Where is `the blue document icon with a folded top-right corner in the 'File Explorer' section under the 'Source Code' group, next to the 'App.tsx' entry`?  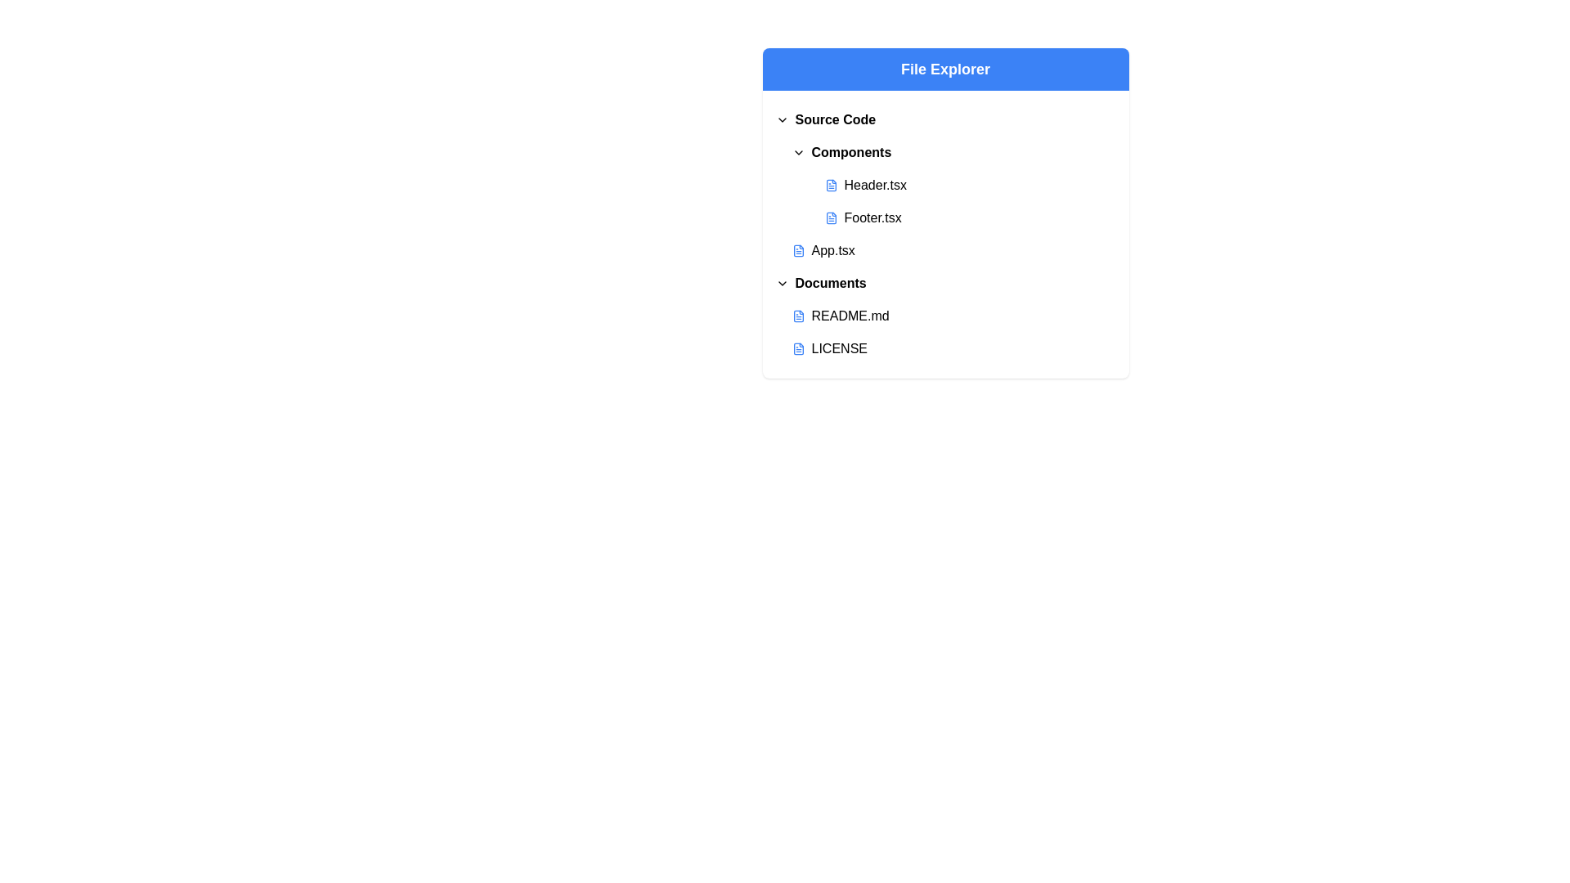 the blue document icon with a folded top-right corner in the 'File Explorer' section under the 'Source Code' group, next to the 'App.tsx' entry is located at coordinates (798, 251).